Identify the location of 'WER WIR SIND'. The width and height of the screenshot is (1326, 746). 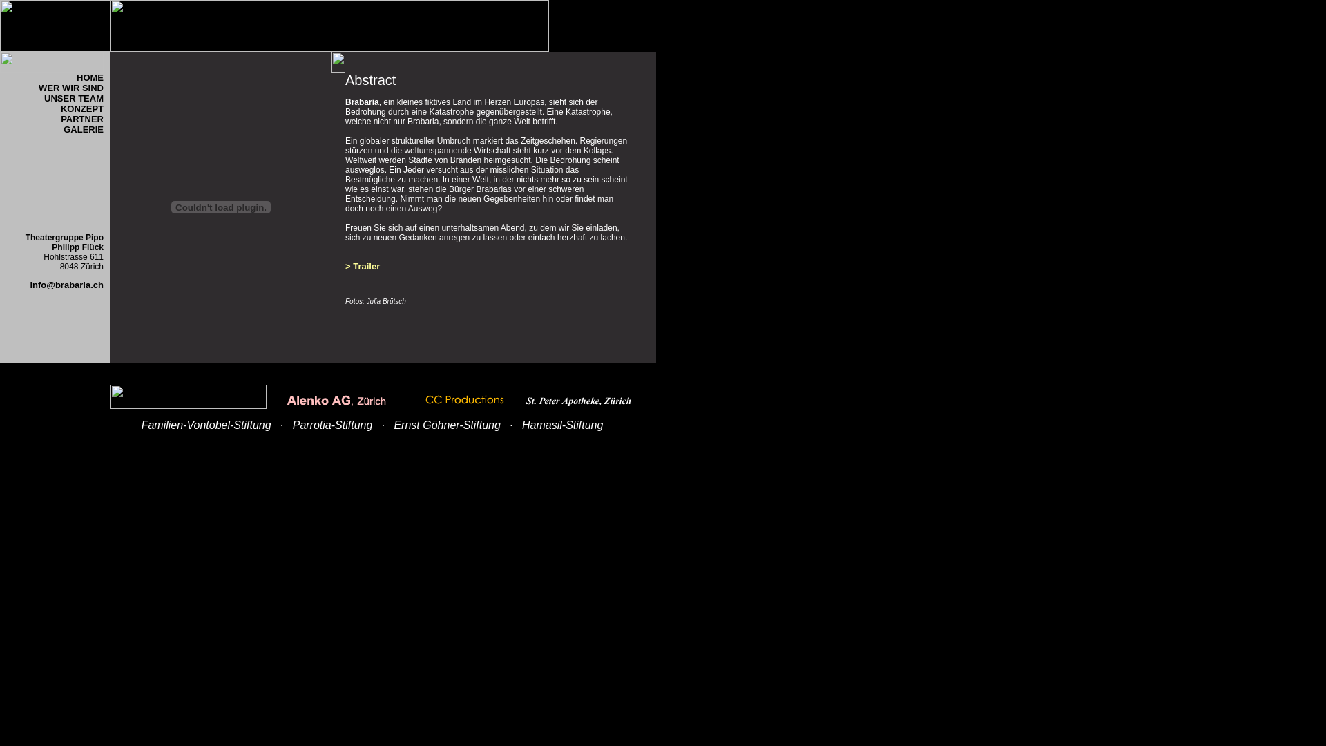
(70, 88).